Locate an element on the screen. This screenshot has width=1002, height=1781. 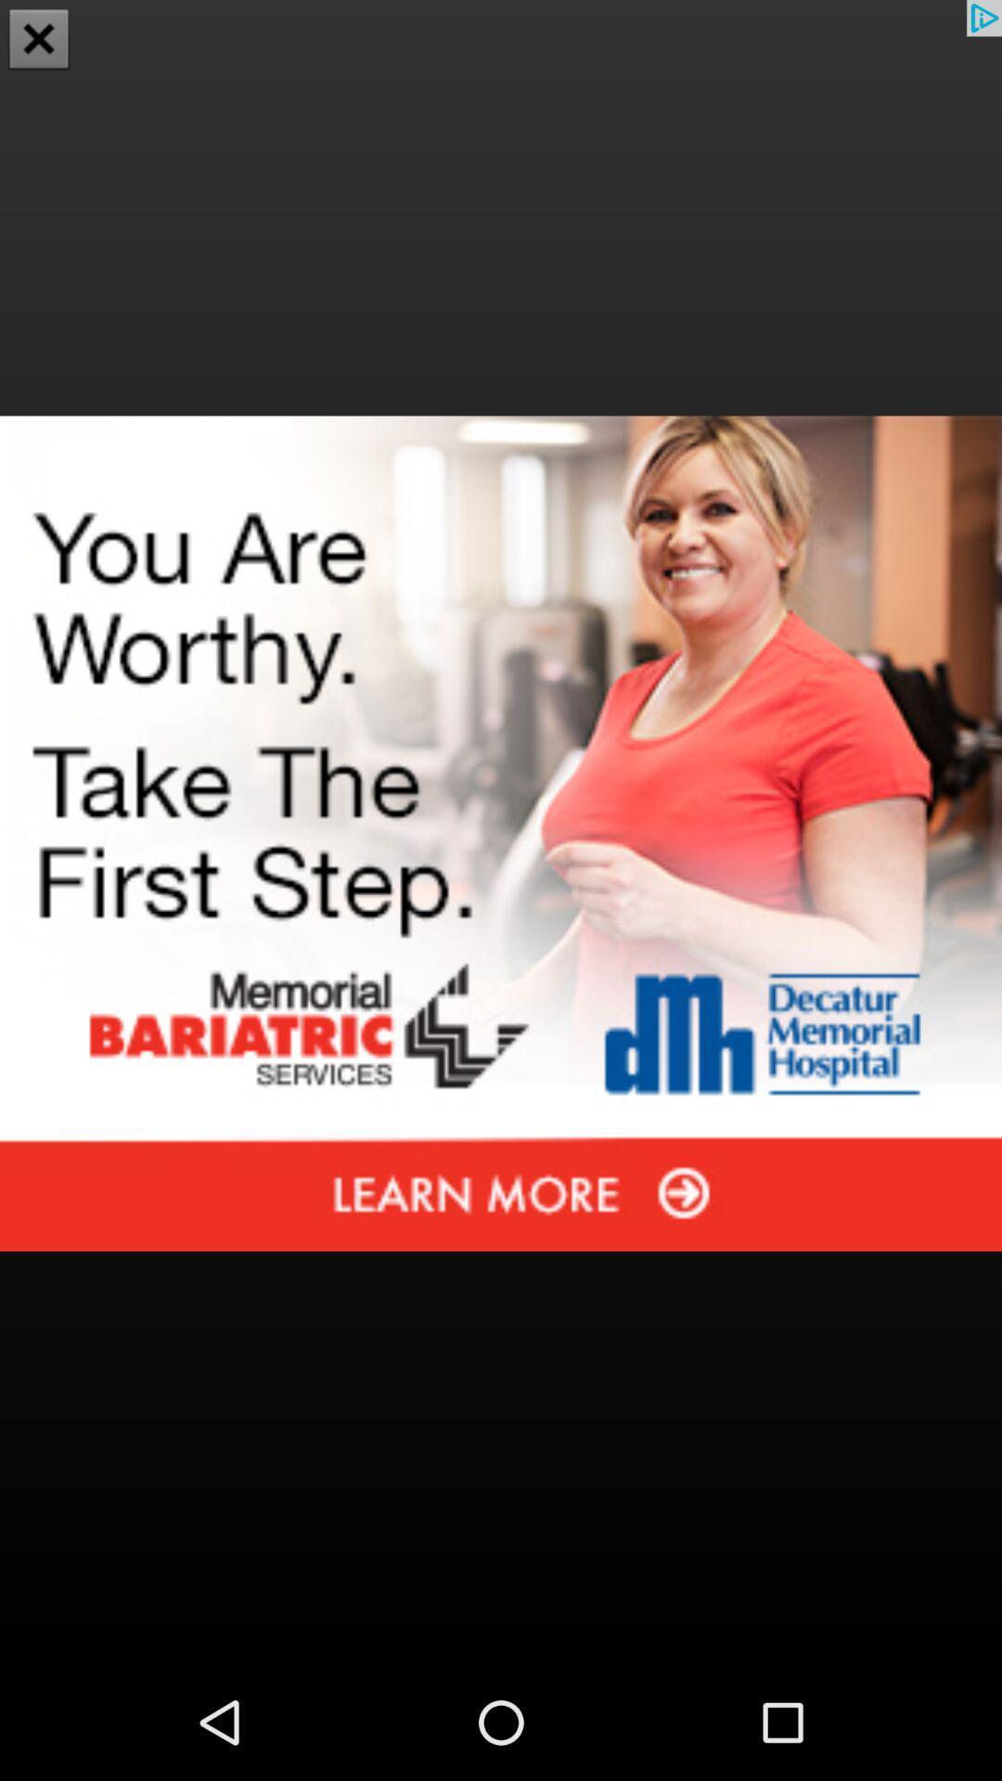
the close icon is located at coordinates (39, 41).